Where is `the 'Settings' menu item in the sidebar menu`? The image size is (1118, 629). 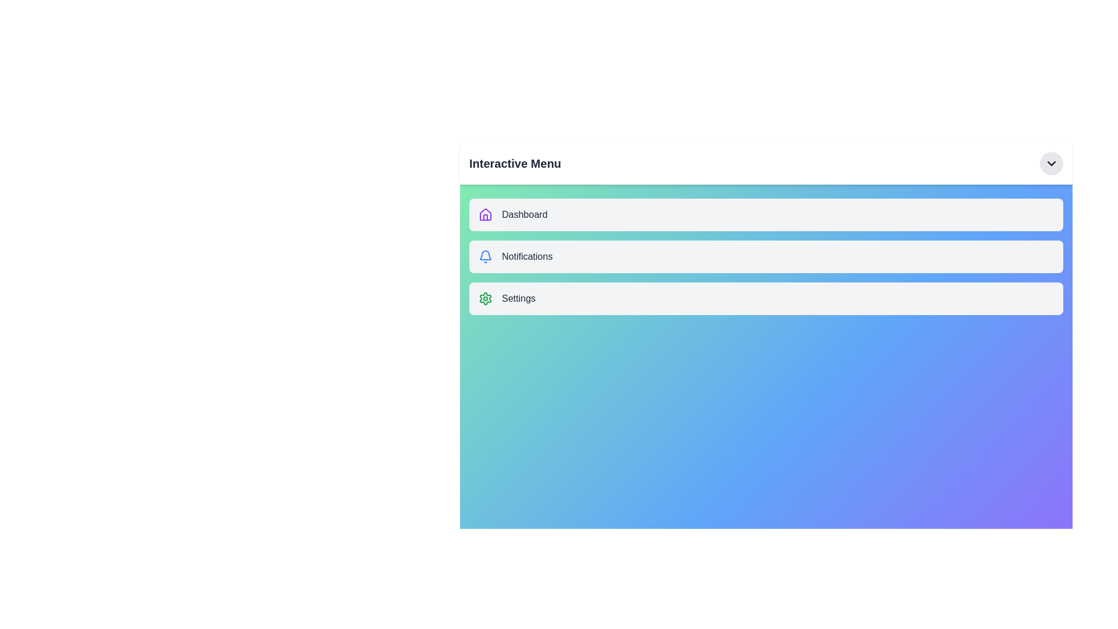
the 'Settings' menu item in the sidebar menu is located at coordinates (766, 298).